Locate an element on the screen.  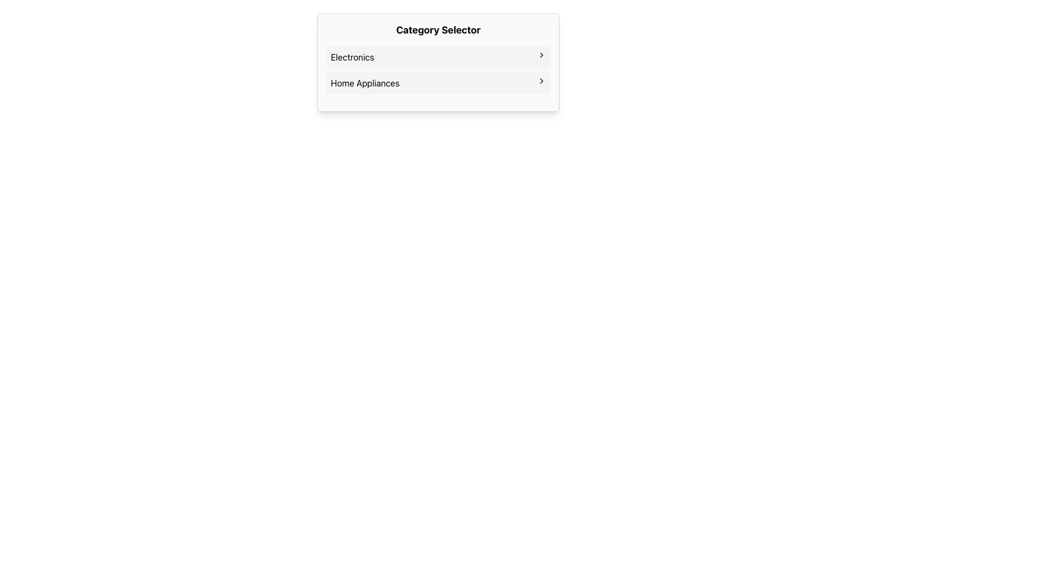
the Interactive Menu Item labeled 'Electronics' in the 'Category Selector' menu is located at coordinates (438, 57).